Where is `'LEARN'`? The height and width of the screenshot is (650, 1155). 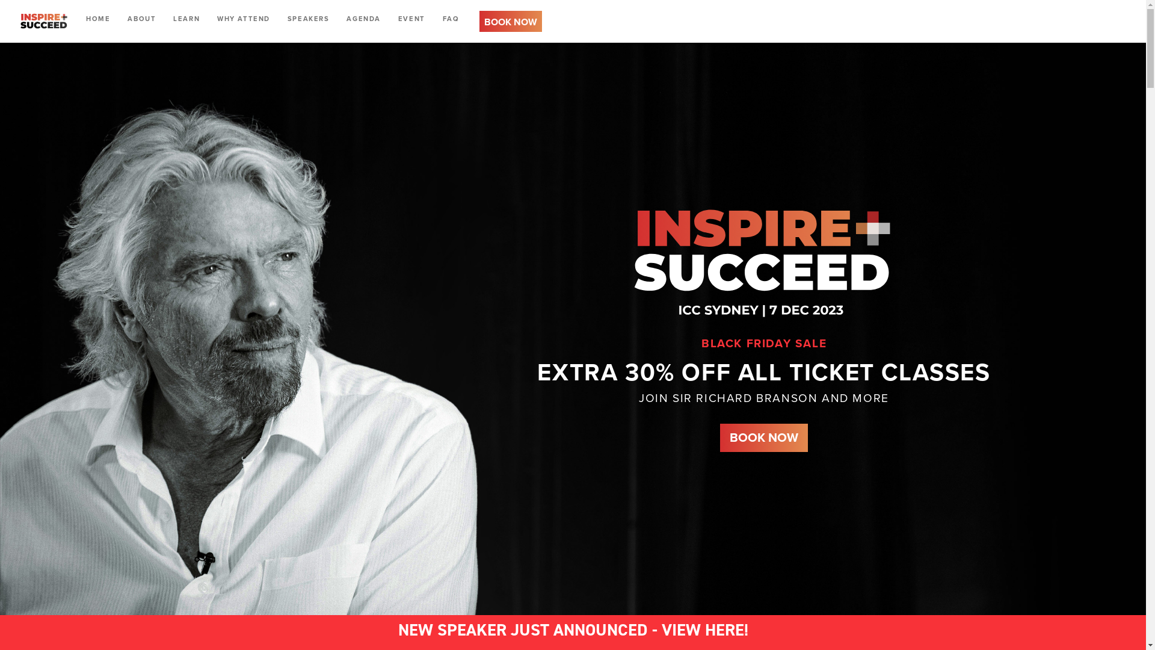
'LEARN' is located at coordinates (167, 18).